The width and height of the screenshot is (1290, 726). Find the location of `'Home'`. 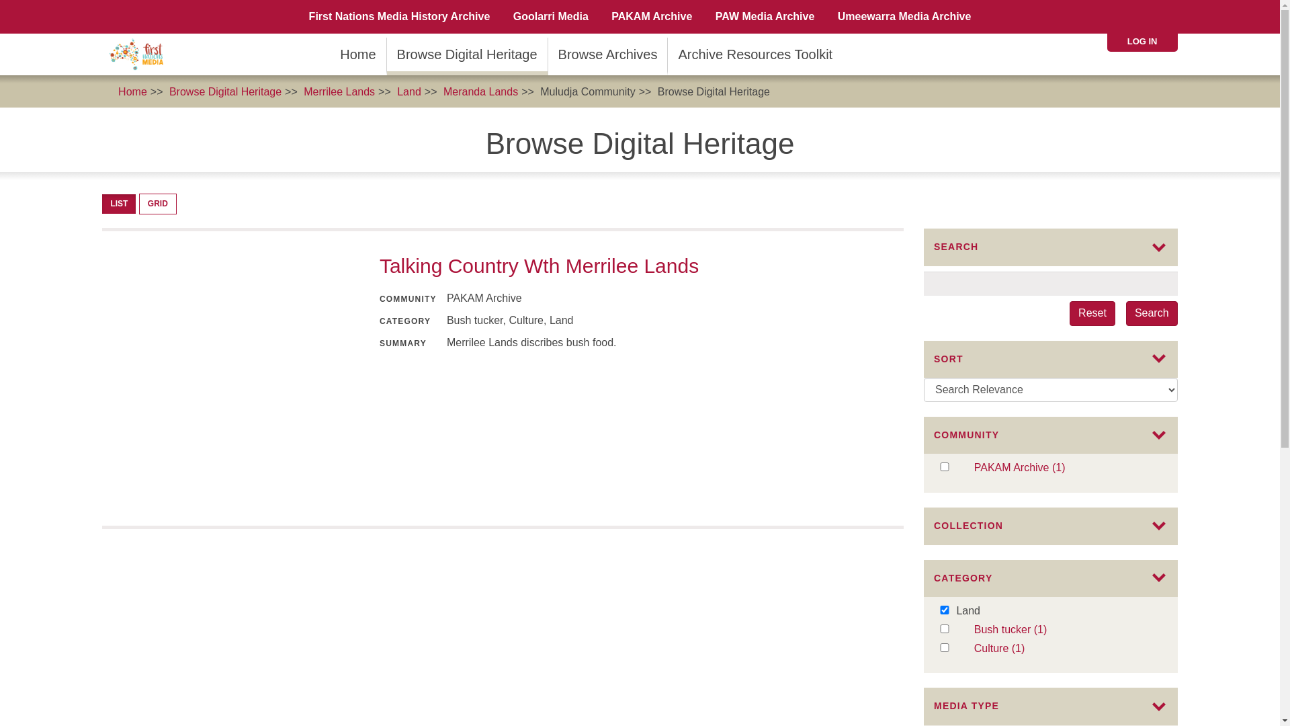

'Home' is located at coordinates (357, 54).